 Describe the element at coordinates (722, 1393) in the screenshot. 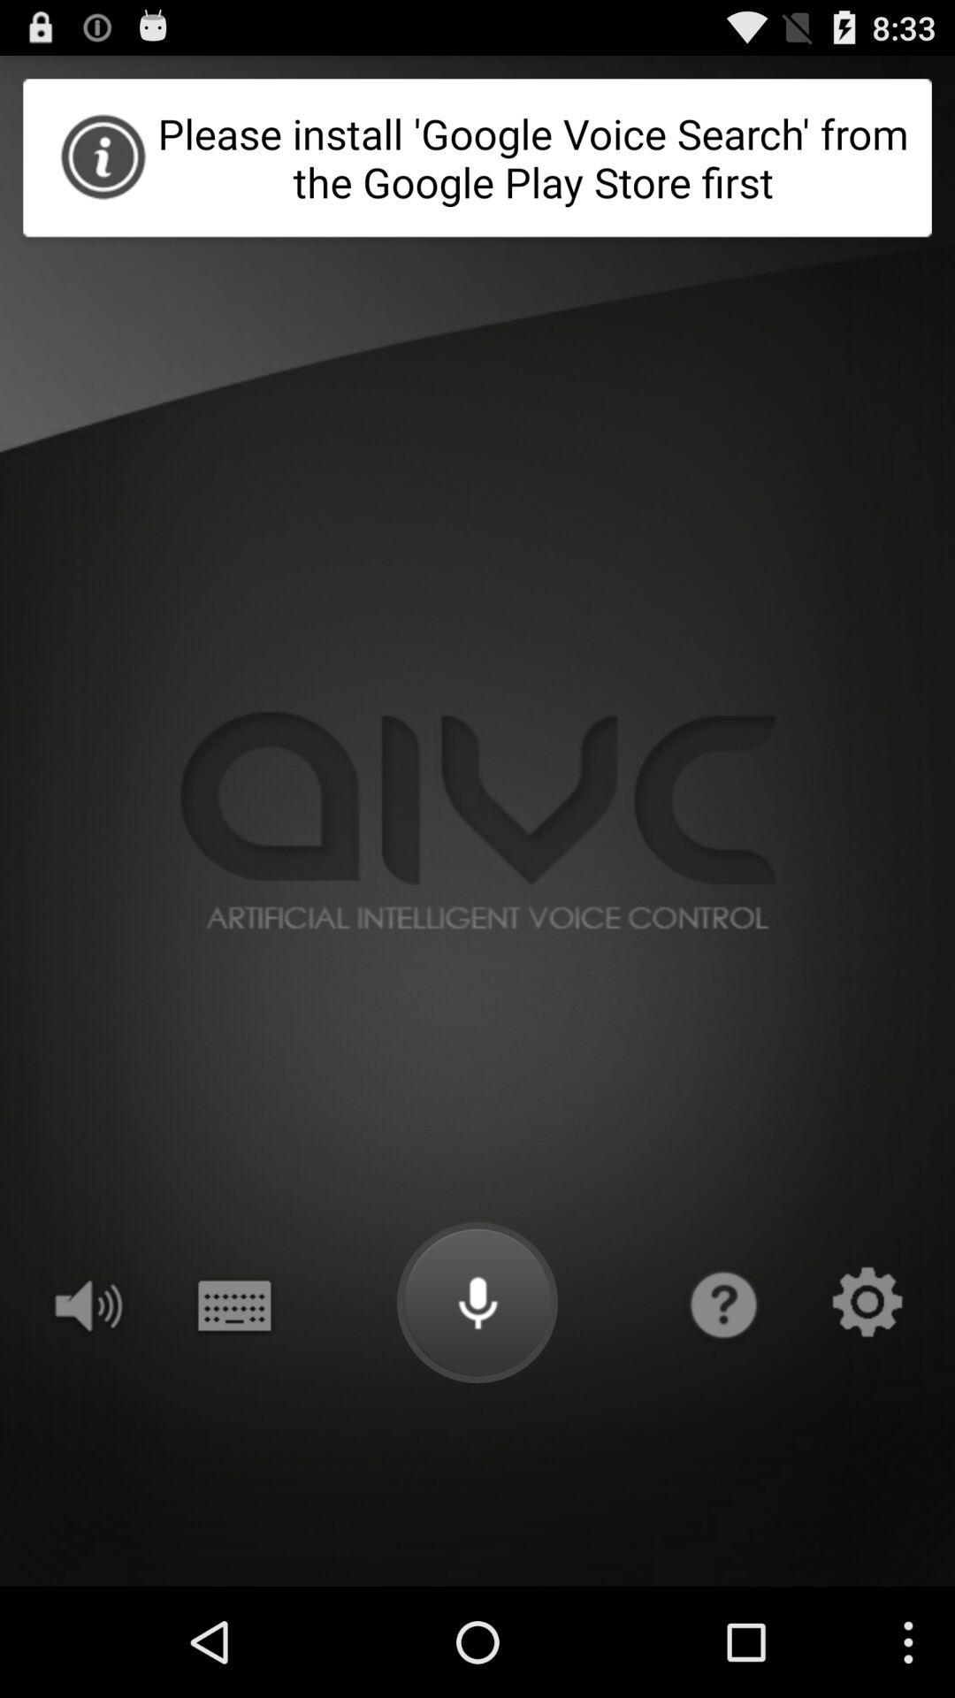

I see `the help icon` at that location.